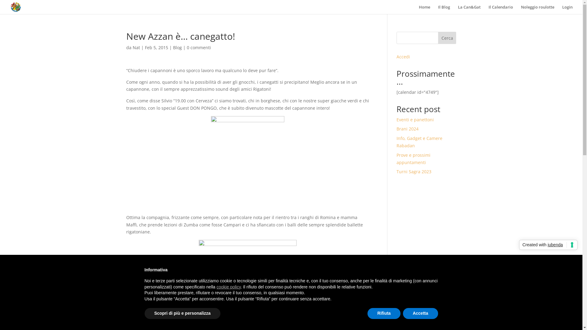 The height and width of the screenshot is (330, 587). Describe the element at coordinates (438, 38) in the screenshot. I see `'Cerca'` at that location.